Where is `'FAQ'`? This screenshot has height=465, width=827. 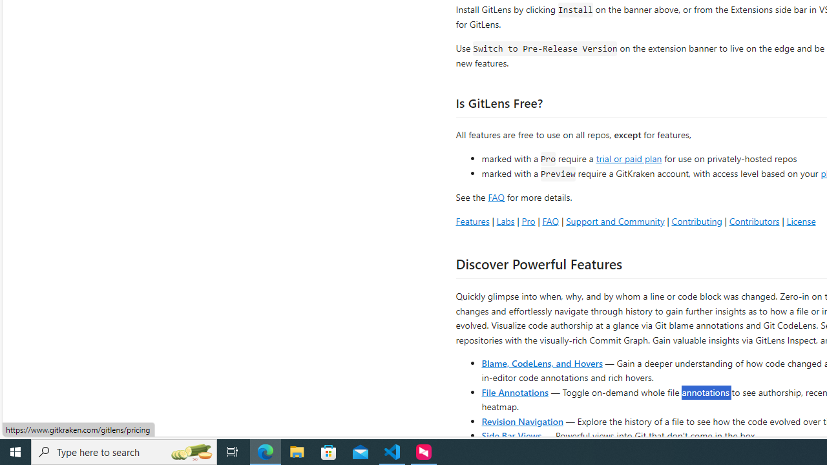 'FAQ' is located at coordinates (550, 220).